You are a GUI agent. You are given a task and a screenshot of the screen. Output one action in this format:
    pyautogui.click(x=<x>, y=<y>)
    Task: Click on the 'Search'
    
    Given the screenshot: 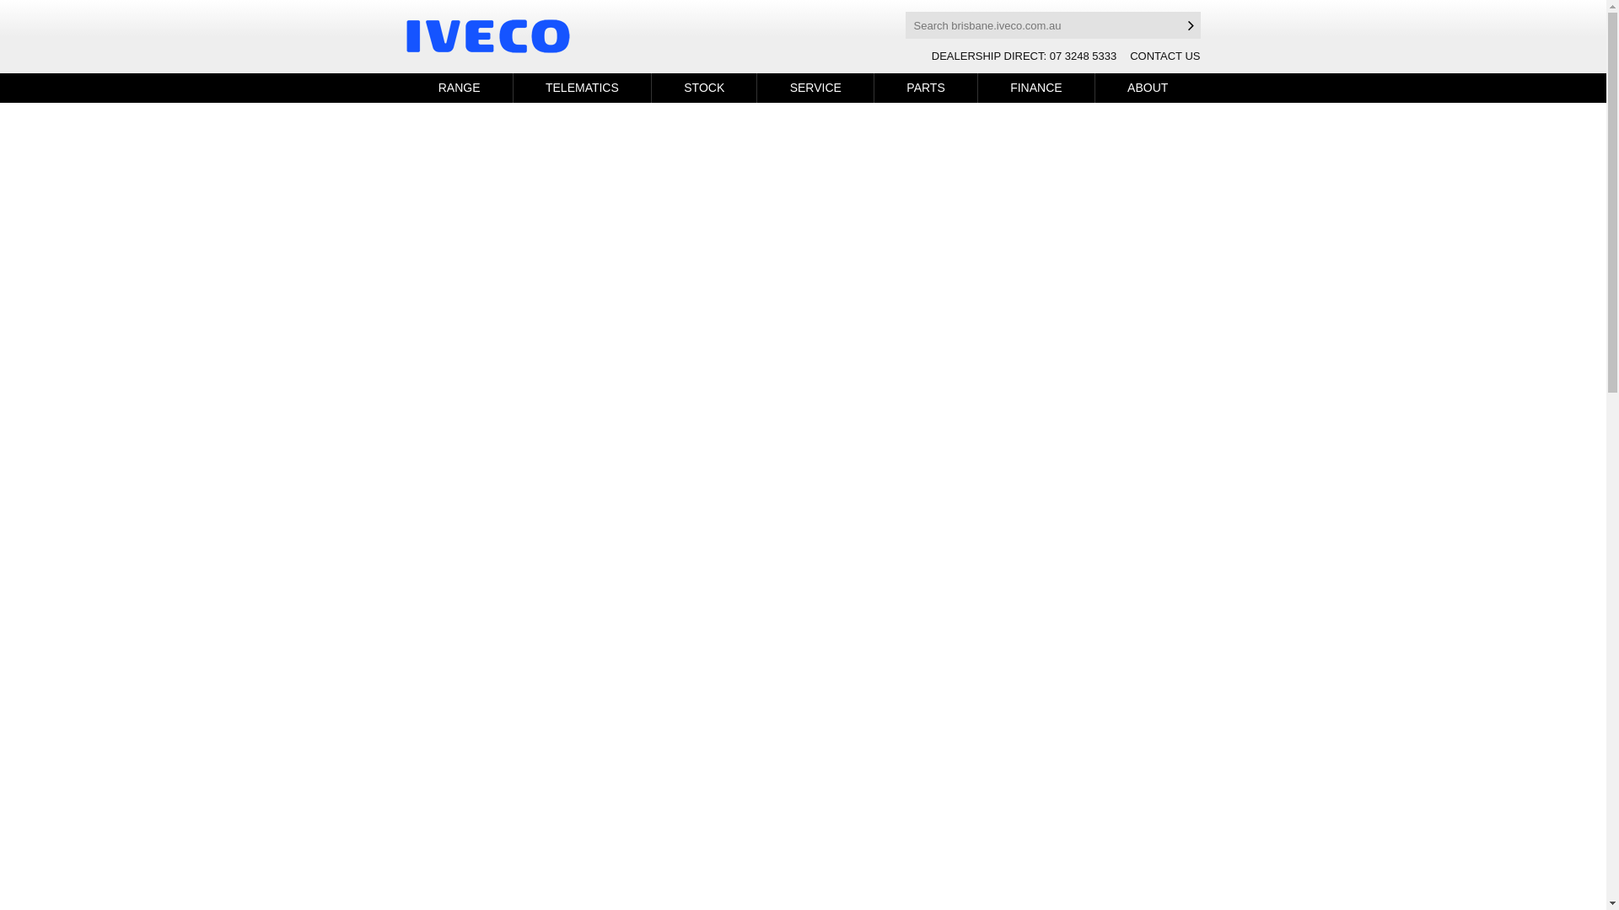 What is the action you would take?
    pyautogui.click(x=1190, y=25)
    